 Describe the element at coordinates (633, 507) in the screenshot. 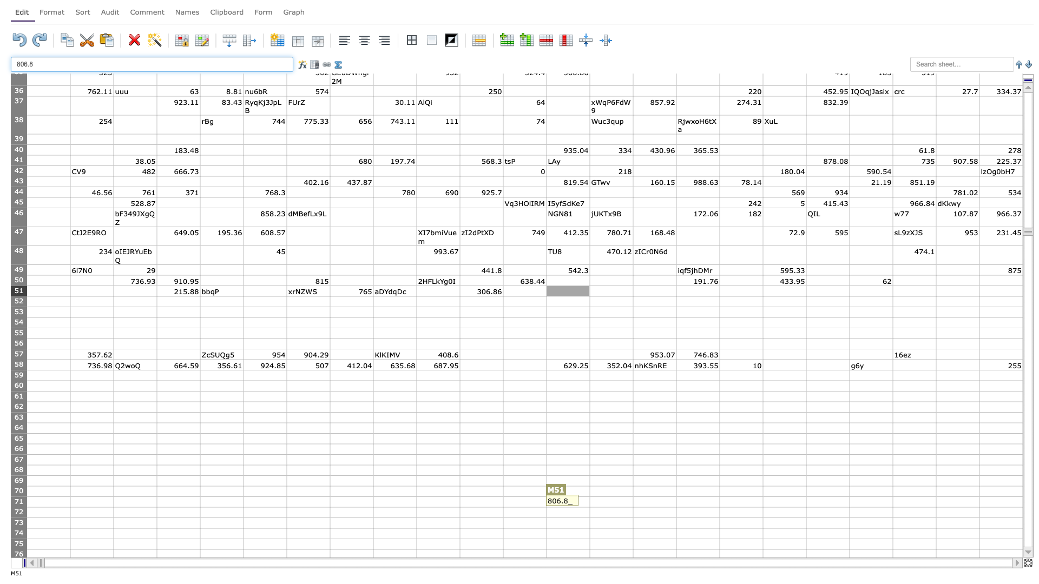

I see `Auto-fill point of cell N71` at that location.